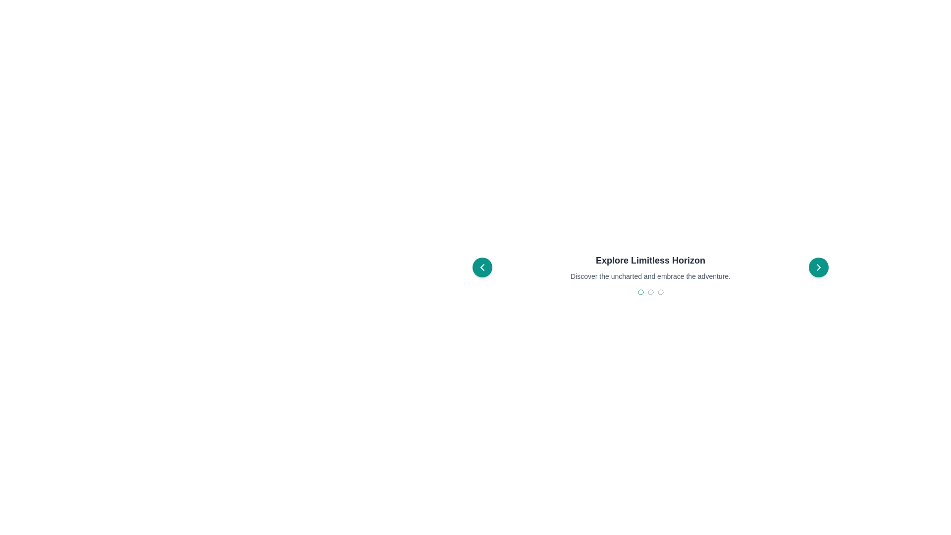 This screenshot has width=951, height=535. What do you see at coordinates (640, 292) in the screenshot?
I see `the third dot in the horizontal arrangement of three circular indicators on the right side` at bounding box center [640, 292].